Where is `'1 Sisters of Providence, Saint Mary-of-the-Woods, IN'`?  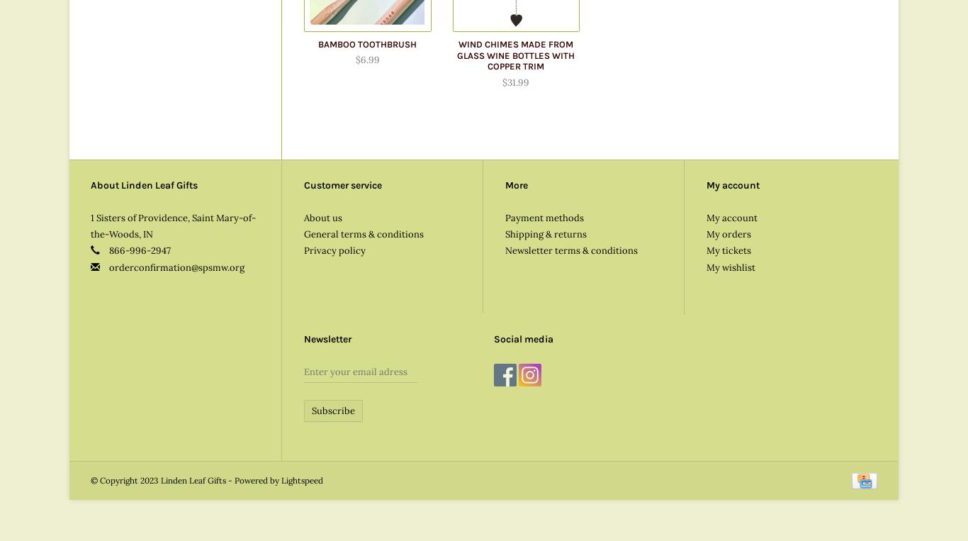
'1 Sisters of Providence, Saint Mary-of-the-Woods, IN' is located at coordinates (173, 225).